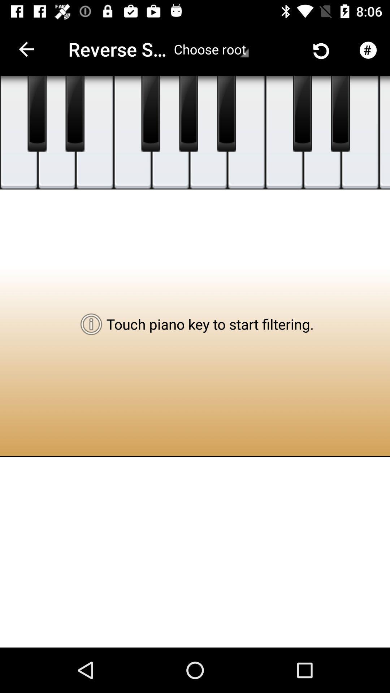  I want to click on item below the choose root, so click(208, 132).